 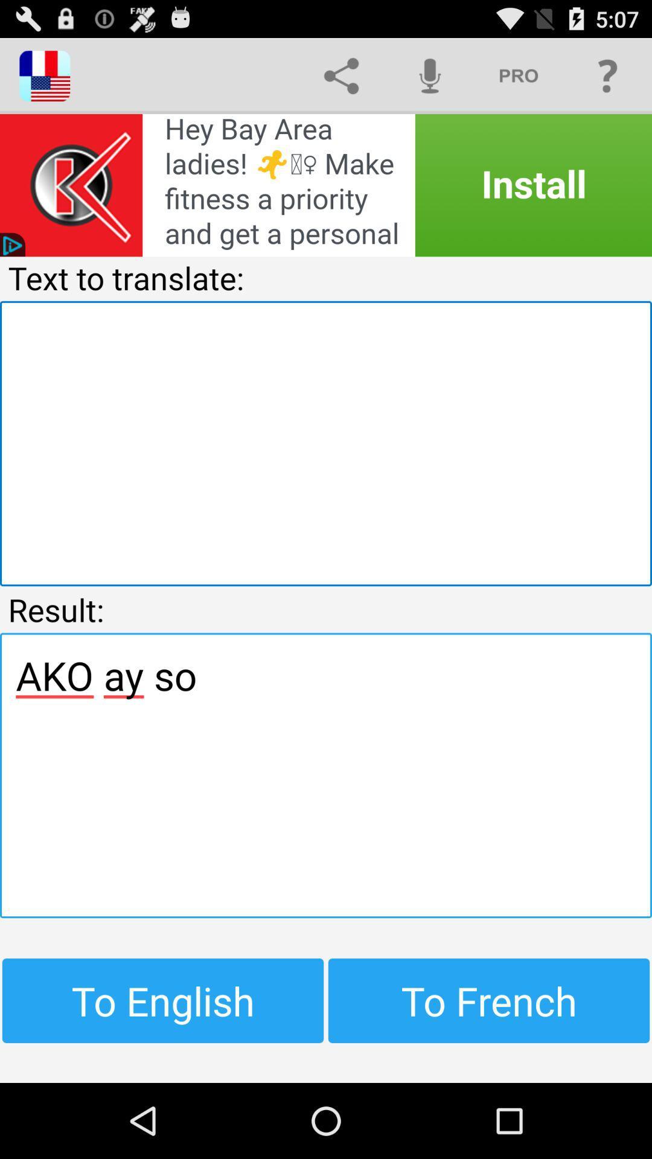 What do you see at coordinates (326, 185) in the screenshot?
I see `advertisement` at bounding box center [326, 185].